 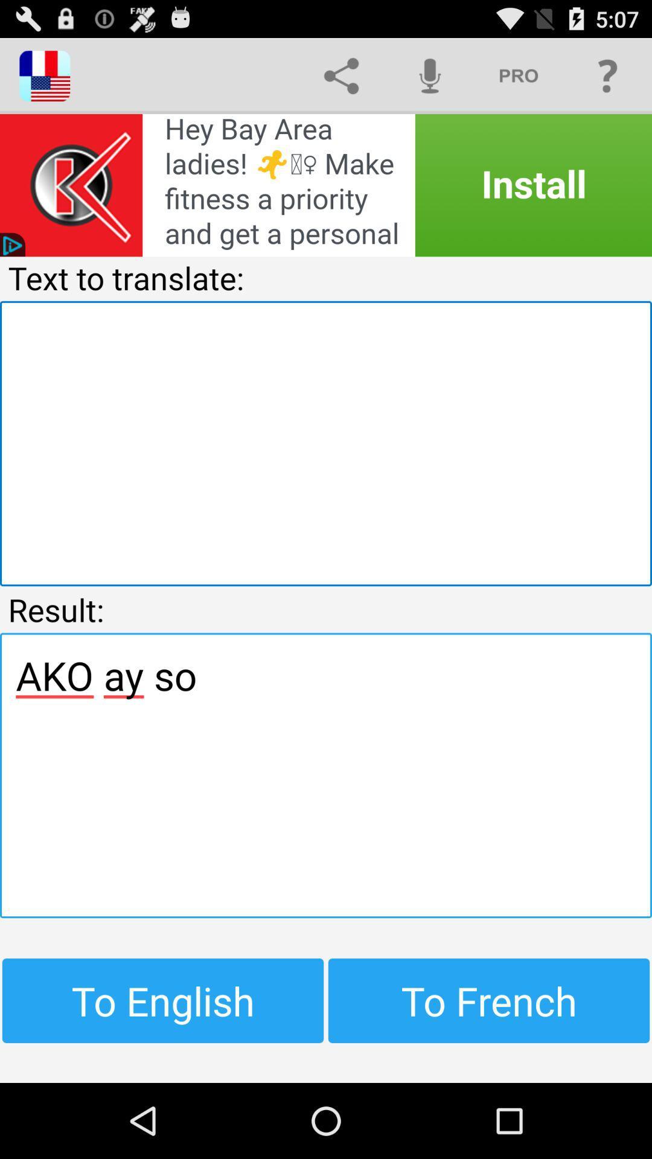 What do you see at coordinates (326, 185) in the screenshot?
I see `advertisement` at bounding box center [326, 185].